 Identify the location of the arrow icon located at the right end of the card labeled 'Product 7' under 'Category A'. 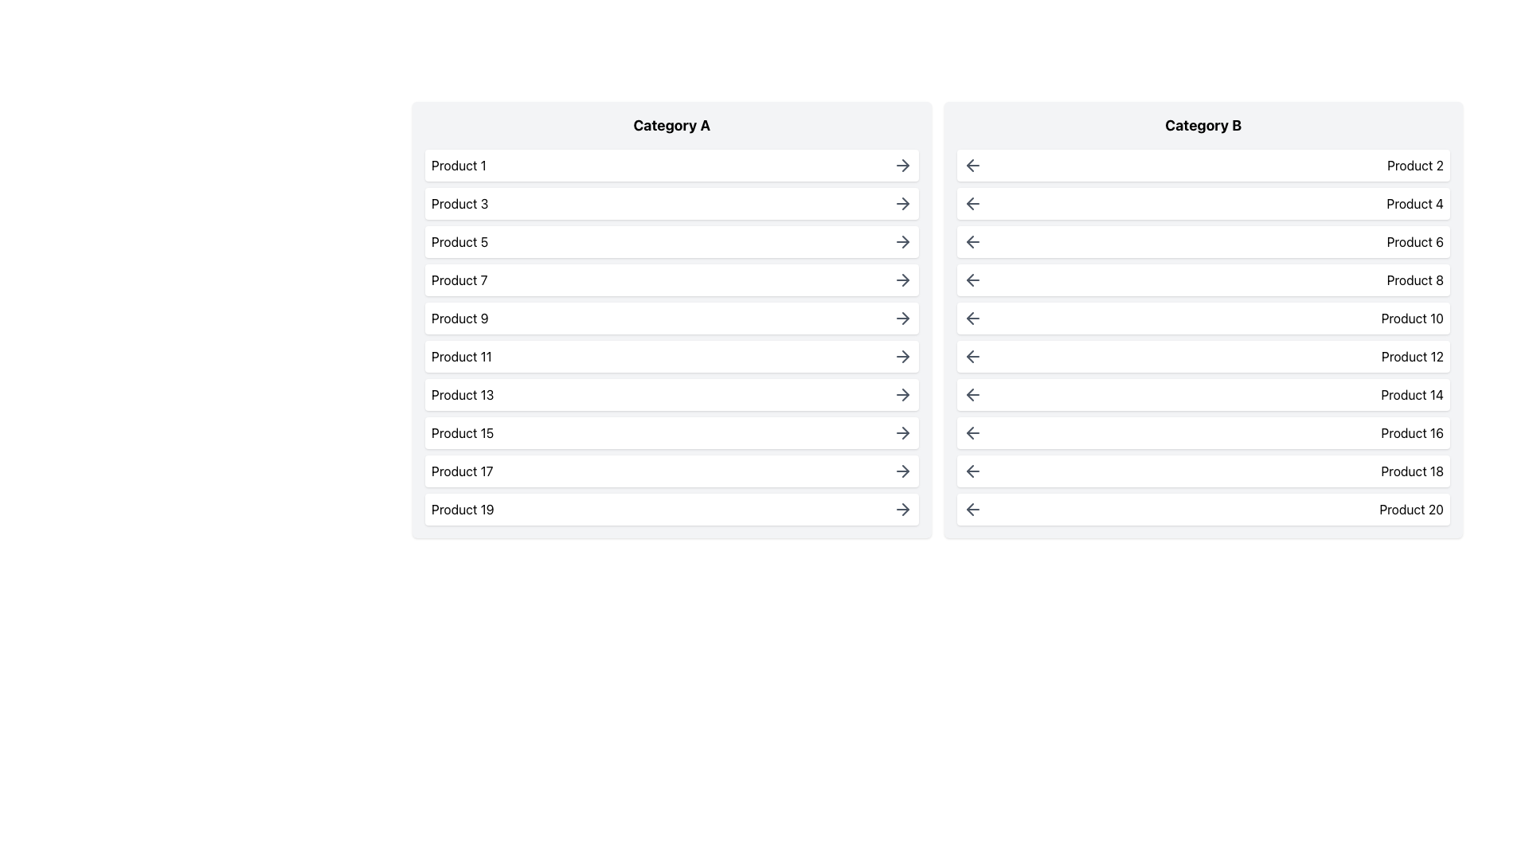
(902, 279).